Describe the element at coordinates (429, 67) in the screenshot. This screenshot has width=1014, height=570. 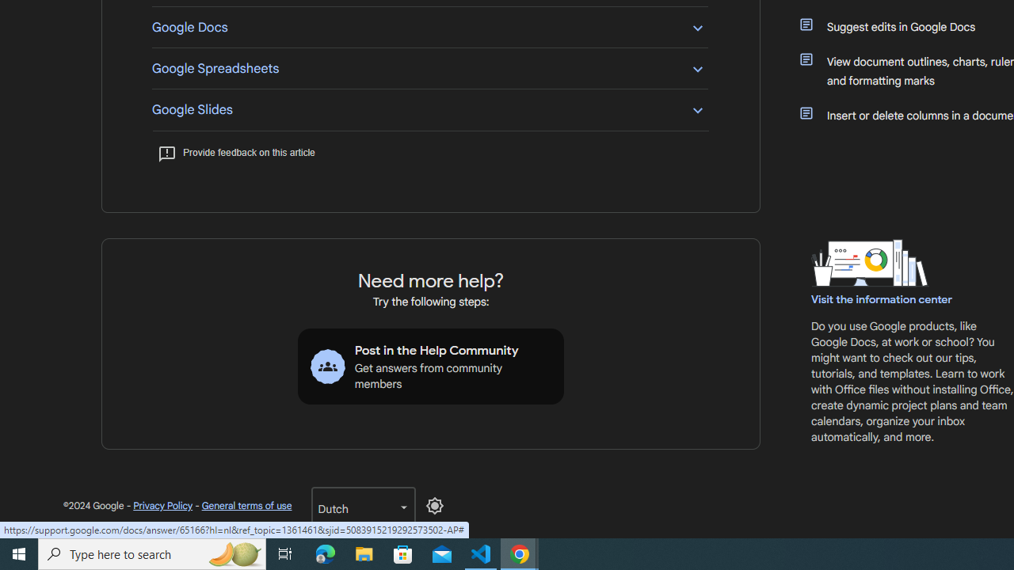
I see `'Google Spreadsheets'` at that location.